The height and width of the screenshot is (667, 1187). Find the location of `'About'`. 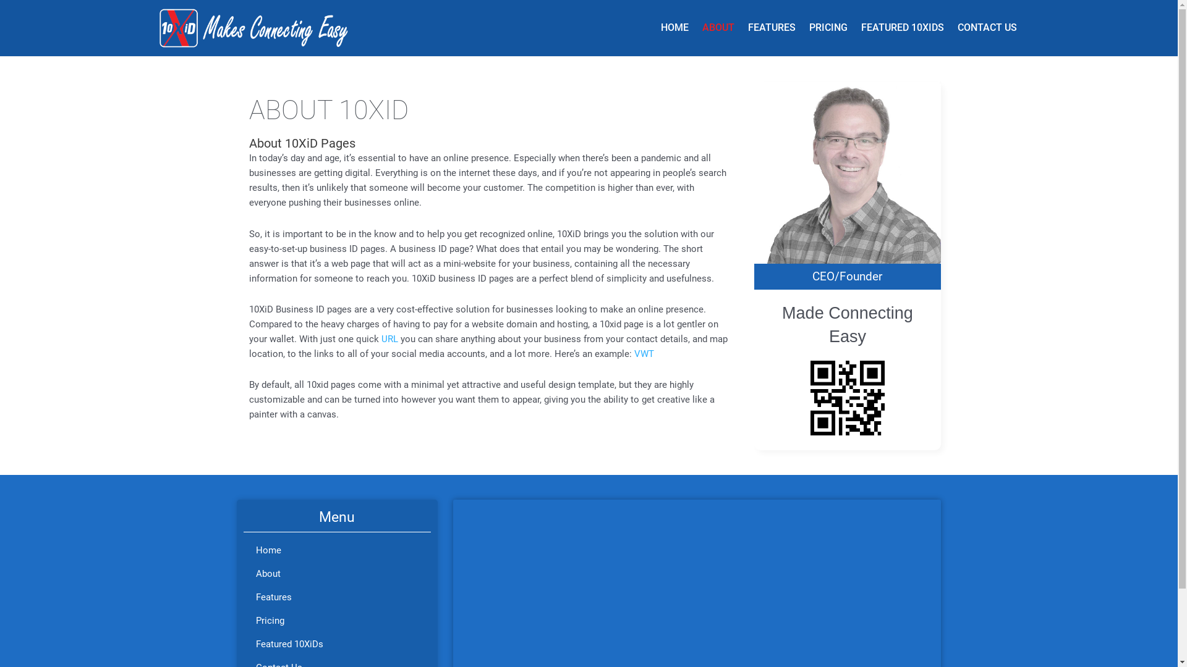

'About' is located at coordinates (338, 574).